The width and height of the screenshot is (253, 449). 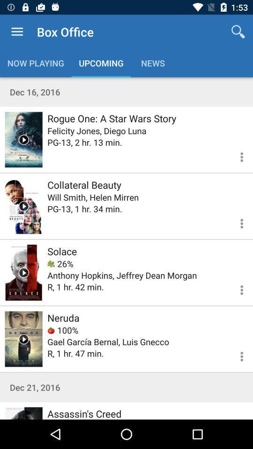 What do you see at coordinates (23, 139) in the screenshot?
I see `video` at bounding box center [23, 139].